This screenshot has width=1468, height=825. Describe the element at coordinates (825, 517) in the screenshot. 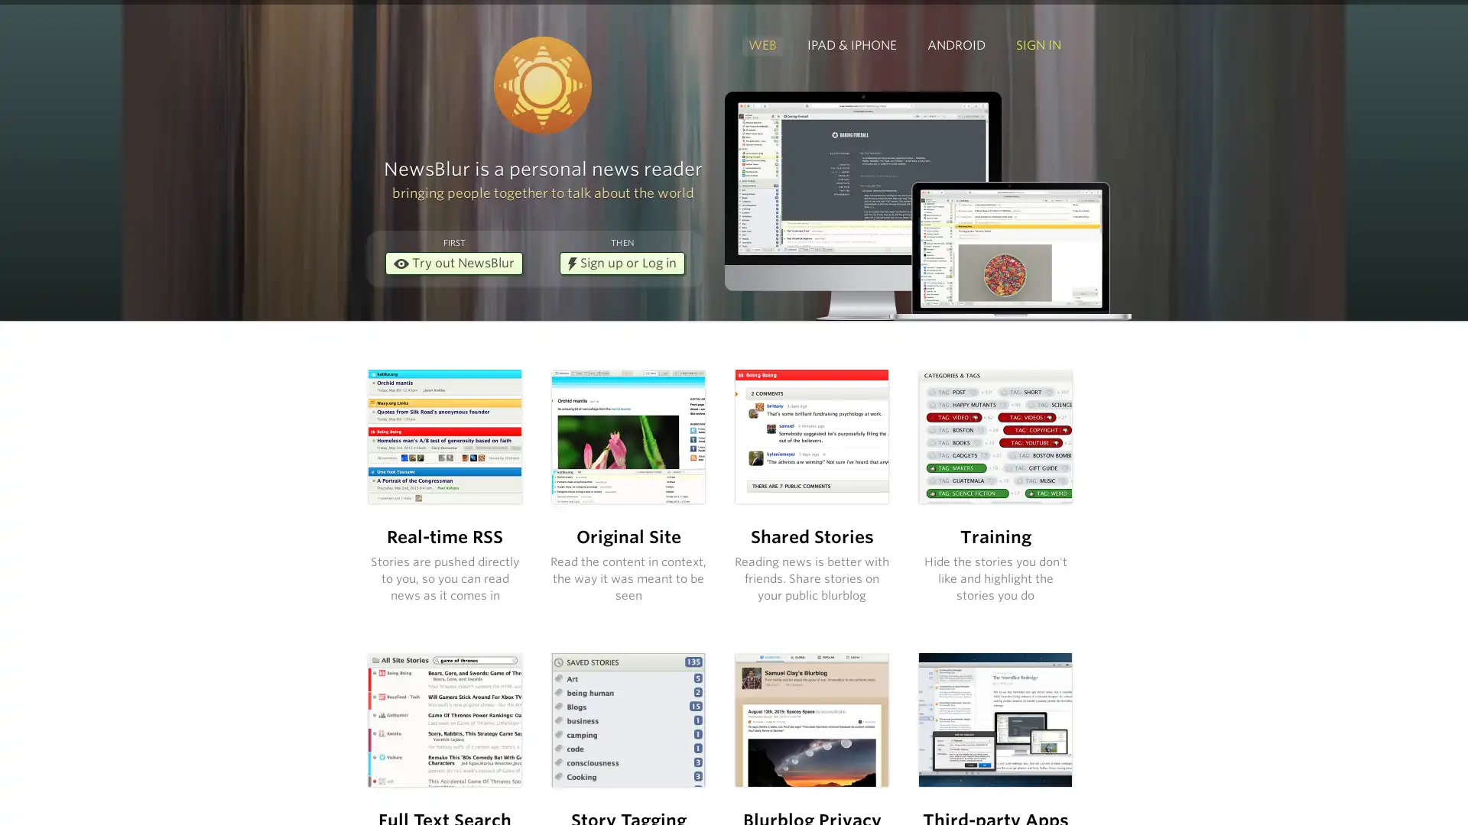

I see `log in` at that location.